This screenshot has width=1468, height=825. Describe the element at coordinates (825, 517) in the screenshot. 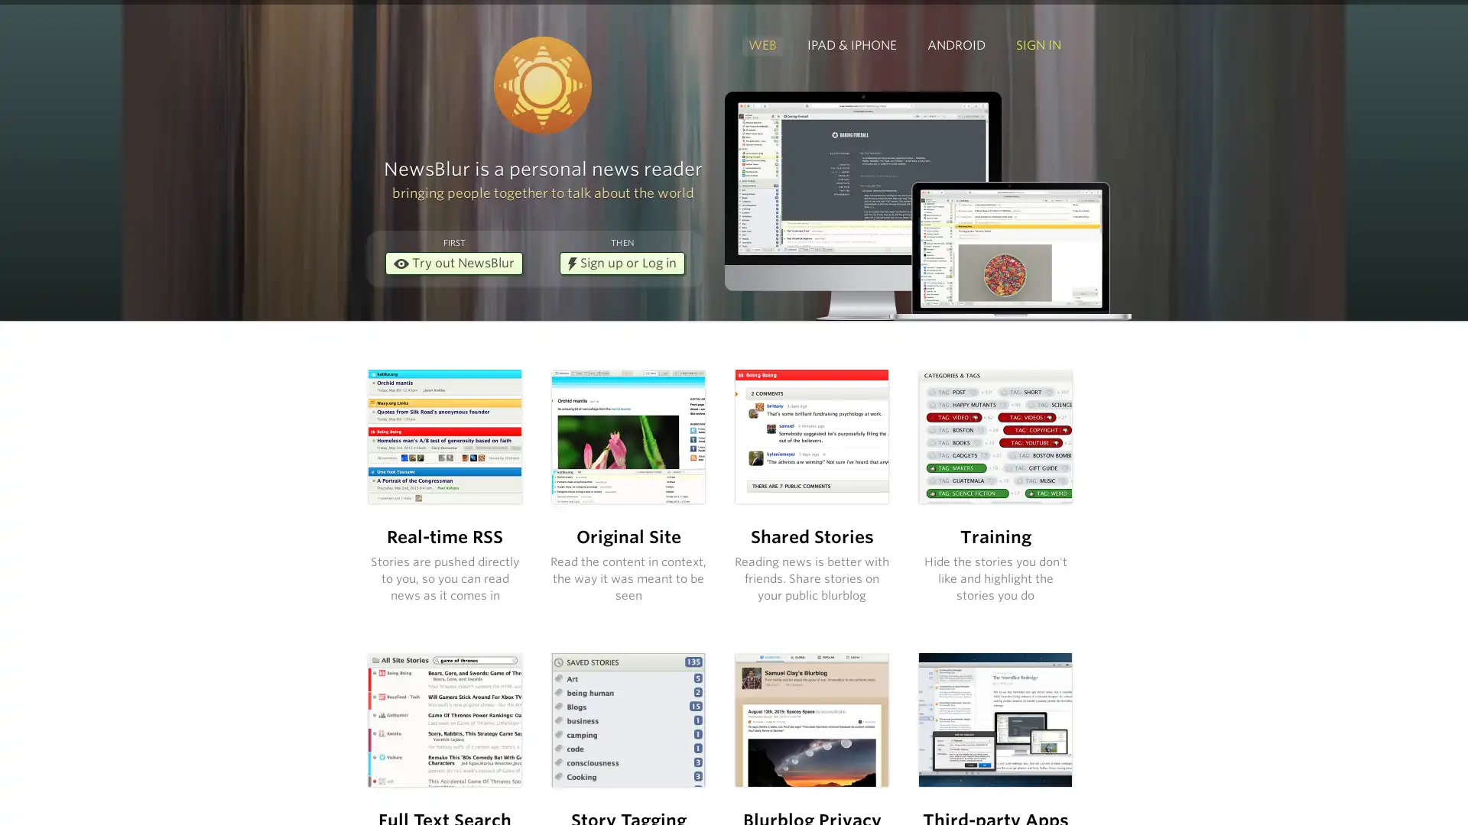

I see `log in` at that location.